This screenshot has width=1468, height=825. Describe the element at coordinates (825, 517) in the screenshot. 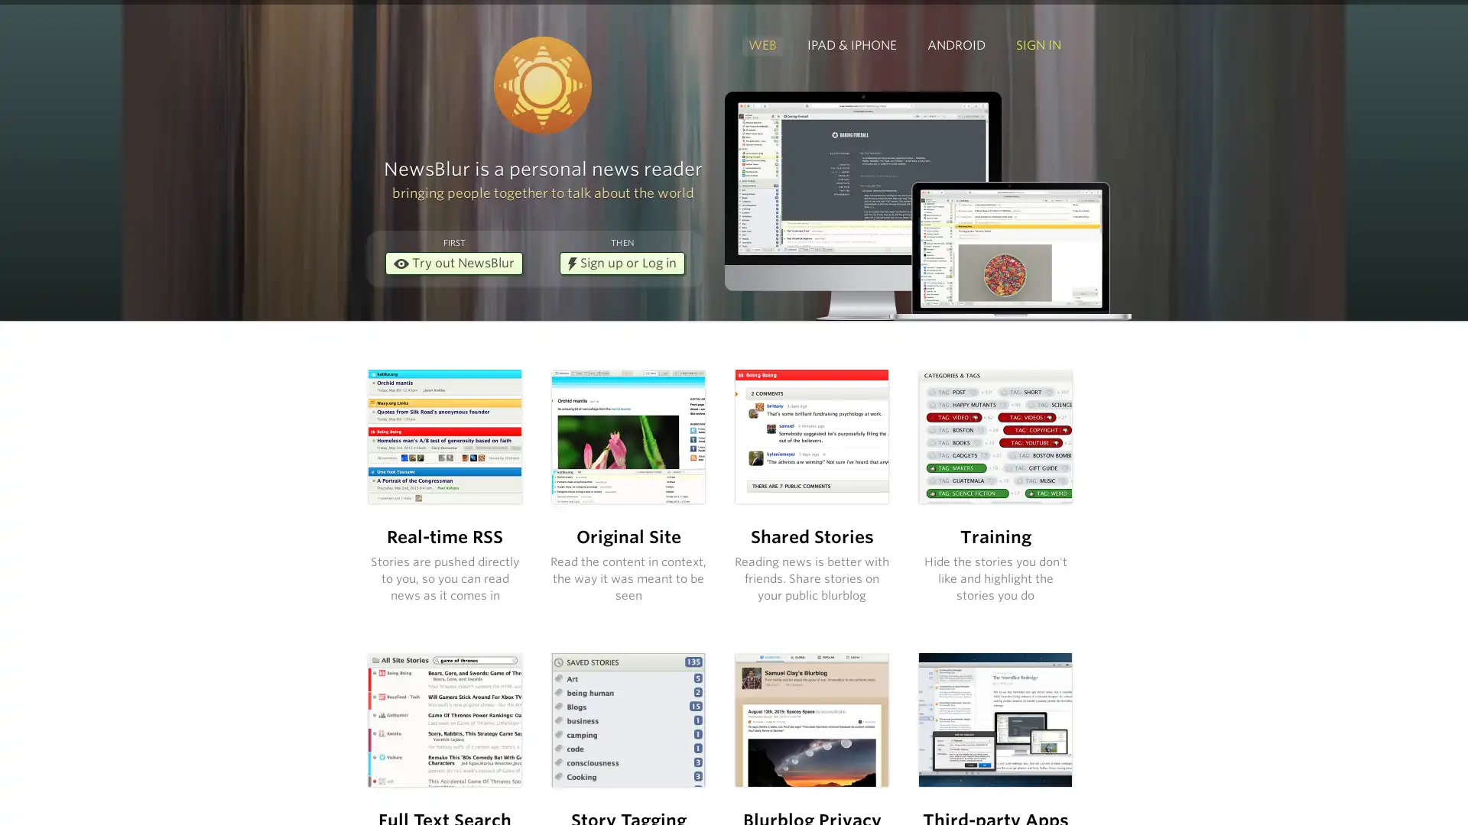

I see `log in` at that location.